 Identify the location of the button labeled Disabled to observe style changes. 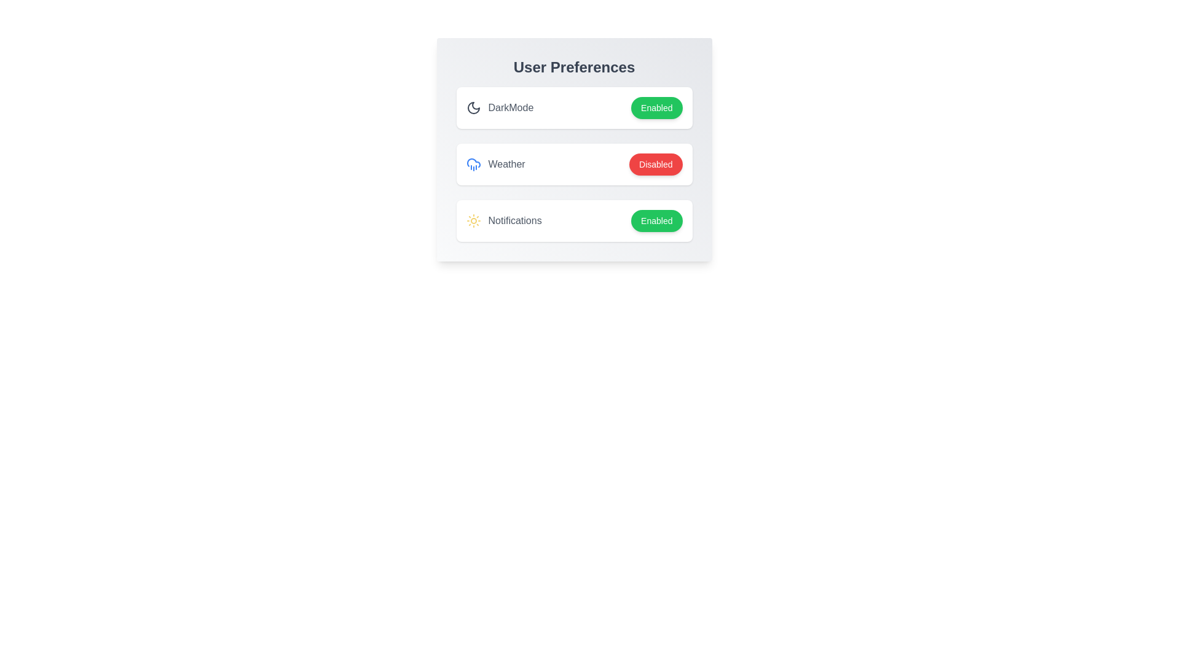
(655, 163).